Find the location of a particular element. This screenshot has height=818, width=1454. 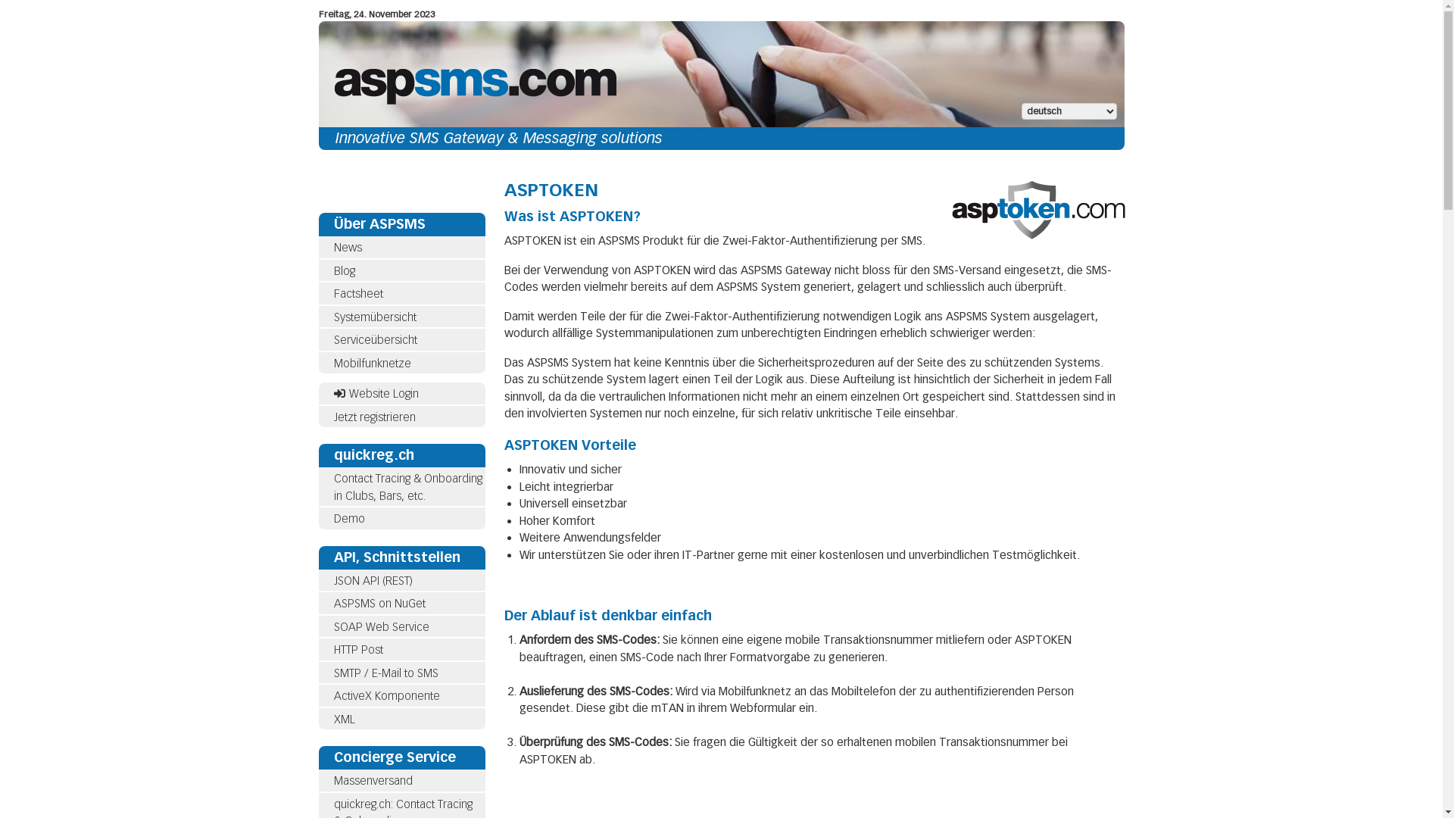

'Website Login' is located at coordinates (401, 393).